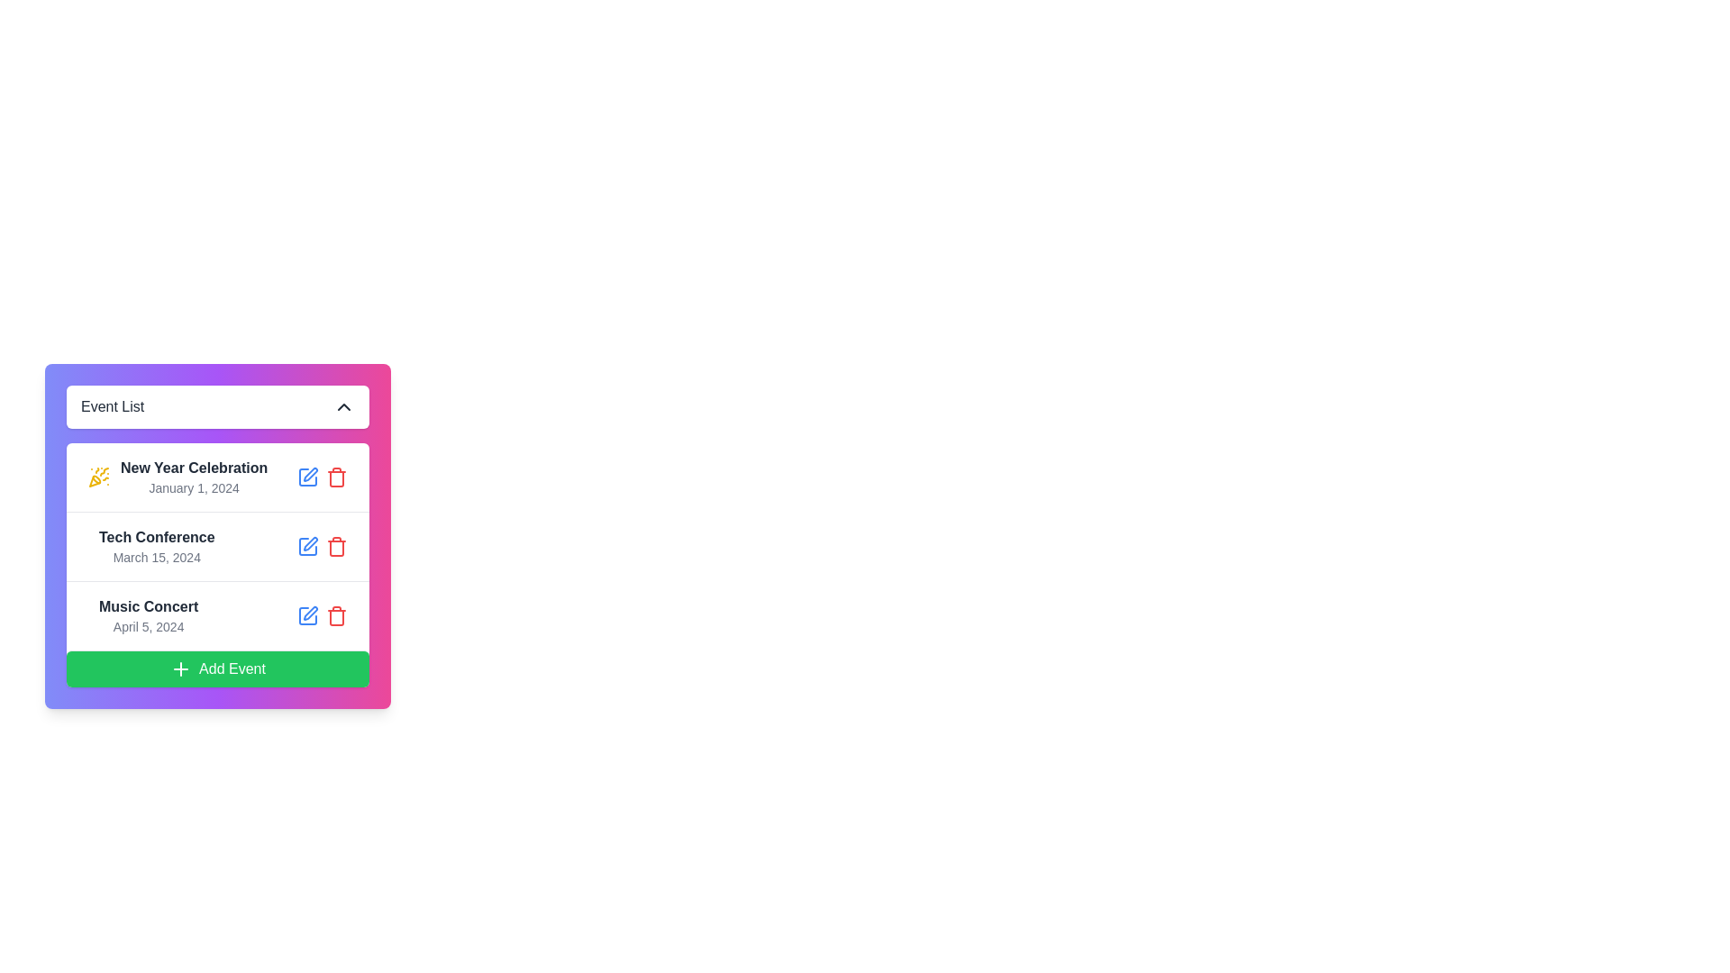 Image resolution: width=1730 pixels, height=973 pixels. Describe the element at coordinates (311, 613) in the screenshot. I see `the icon button for editing details of the 'Music Concert' event, which is the second icon from the right in the corresponding row of the event list` at that location.